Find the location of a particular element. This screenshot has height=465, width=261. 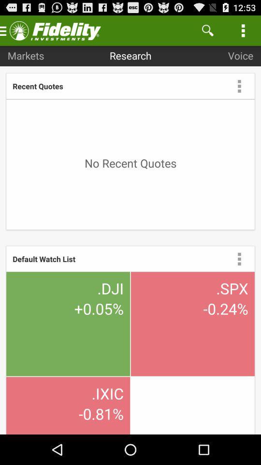

the more icon is located at coordinates (239, 92).